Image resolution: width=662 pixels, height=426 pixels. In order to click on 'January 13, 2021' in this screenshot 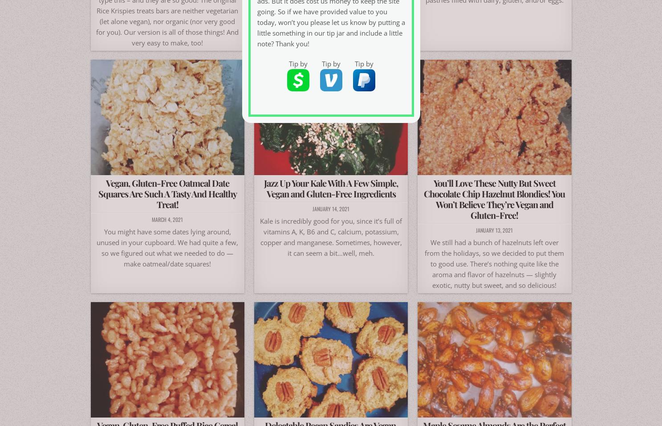, I will do `click(494, 229)`.